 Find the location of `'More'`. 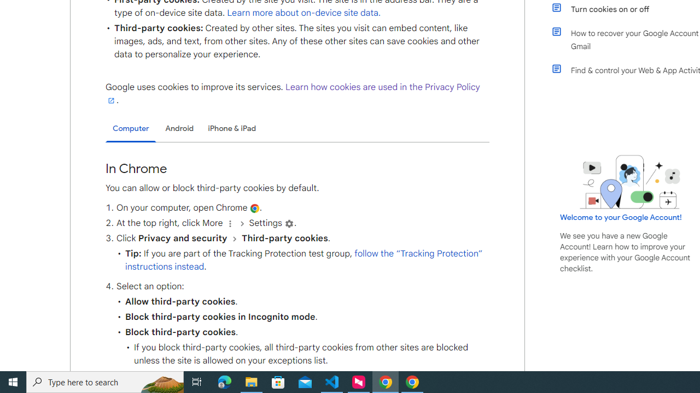

'More' is located at coordinates (229, 223).